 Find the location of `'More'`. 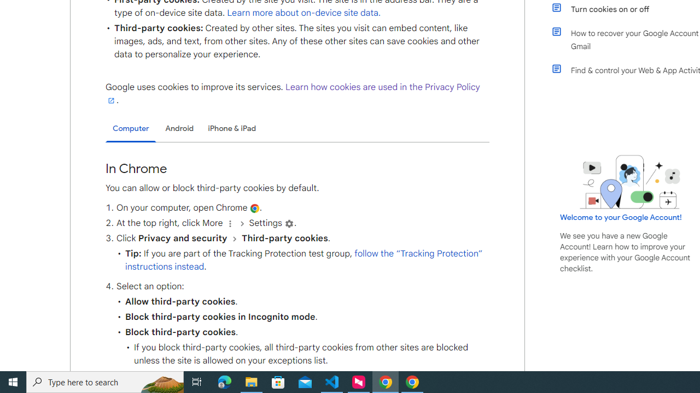

'More' is located at coordinates (229, 223).